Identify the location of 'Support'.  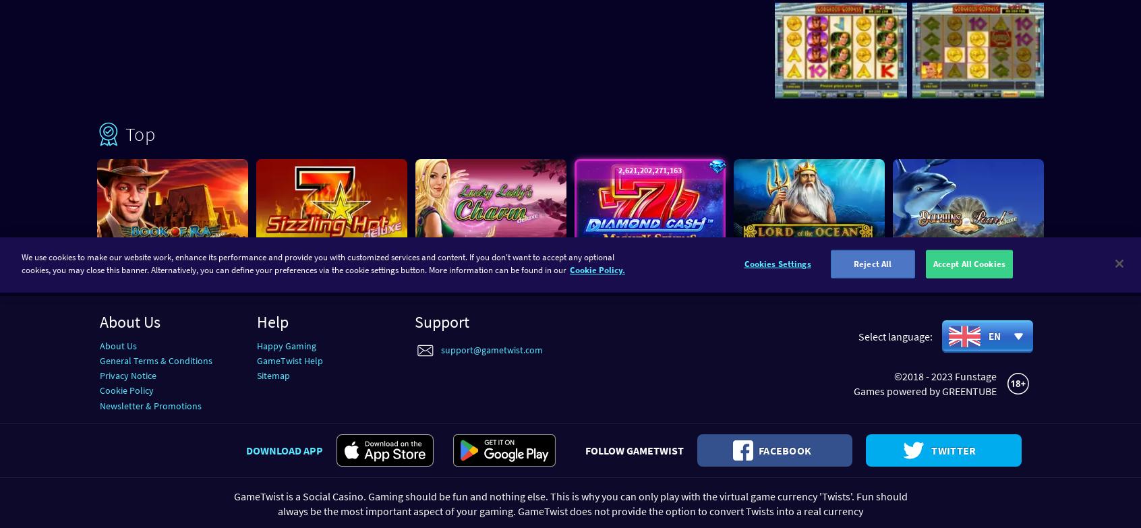
(441, 320).